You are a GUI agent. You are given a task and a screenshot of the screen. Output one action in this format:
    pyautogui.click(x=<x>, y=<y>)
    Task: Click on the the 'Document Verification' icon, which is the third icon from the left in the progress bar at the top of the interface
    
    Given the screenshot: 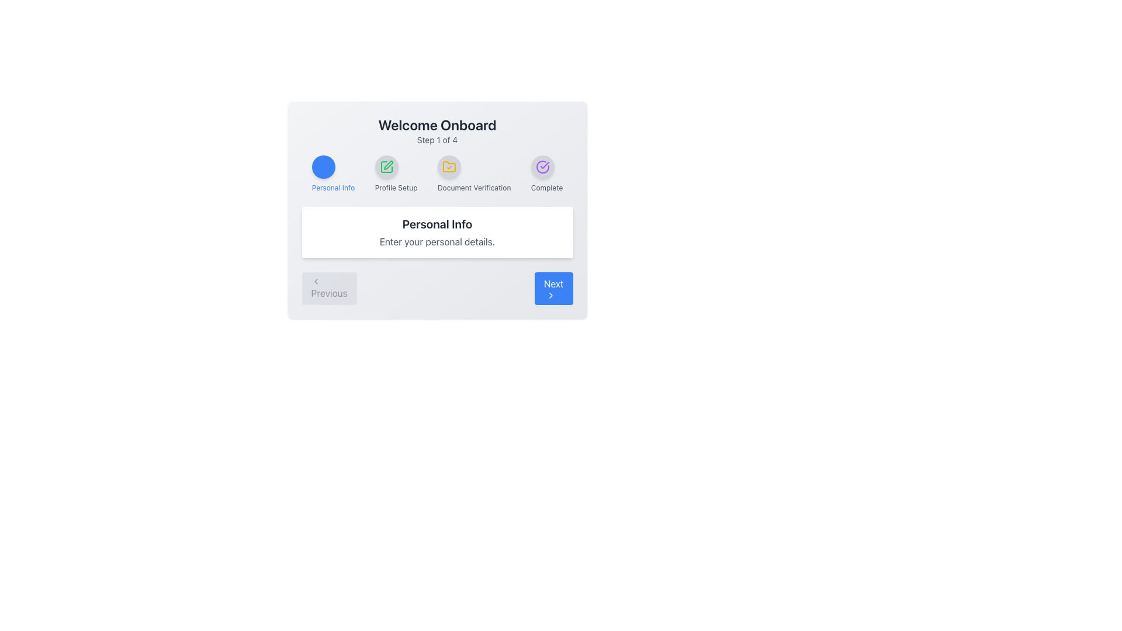 What is the action you would take?
    pyautogui.click(x=448, y=167)
    